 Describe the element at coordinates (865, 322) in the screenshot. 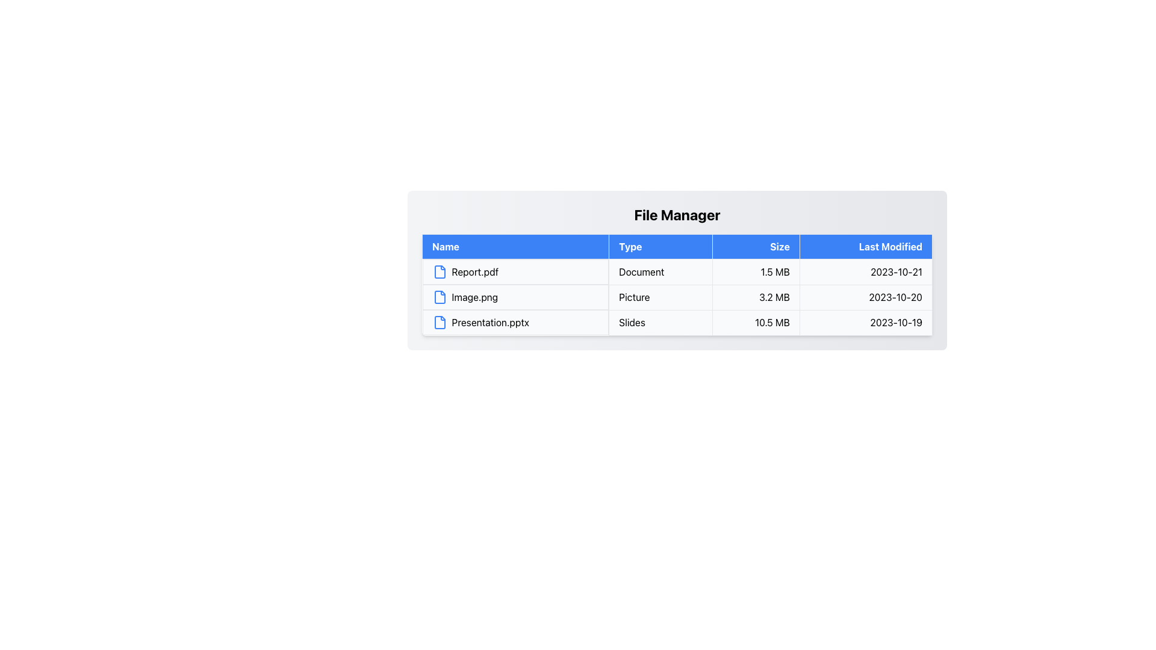

I see `the 'Last Modified' date text element displaying '2023-10-19' located in the fourth column of the third row of the table in the file manager interface` at that location.